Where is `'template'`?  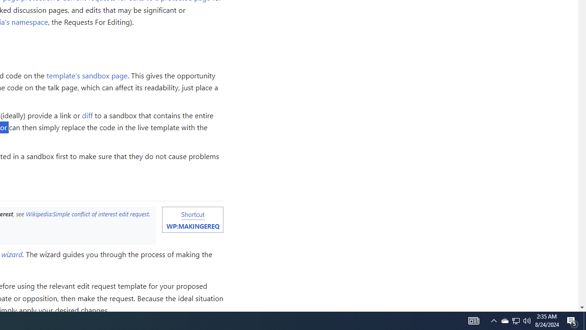
'template' is located at coordinates (87, 74).